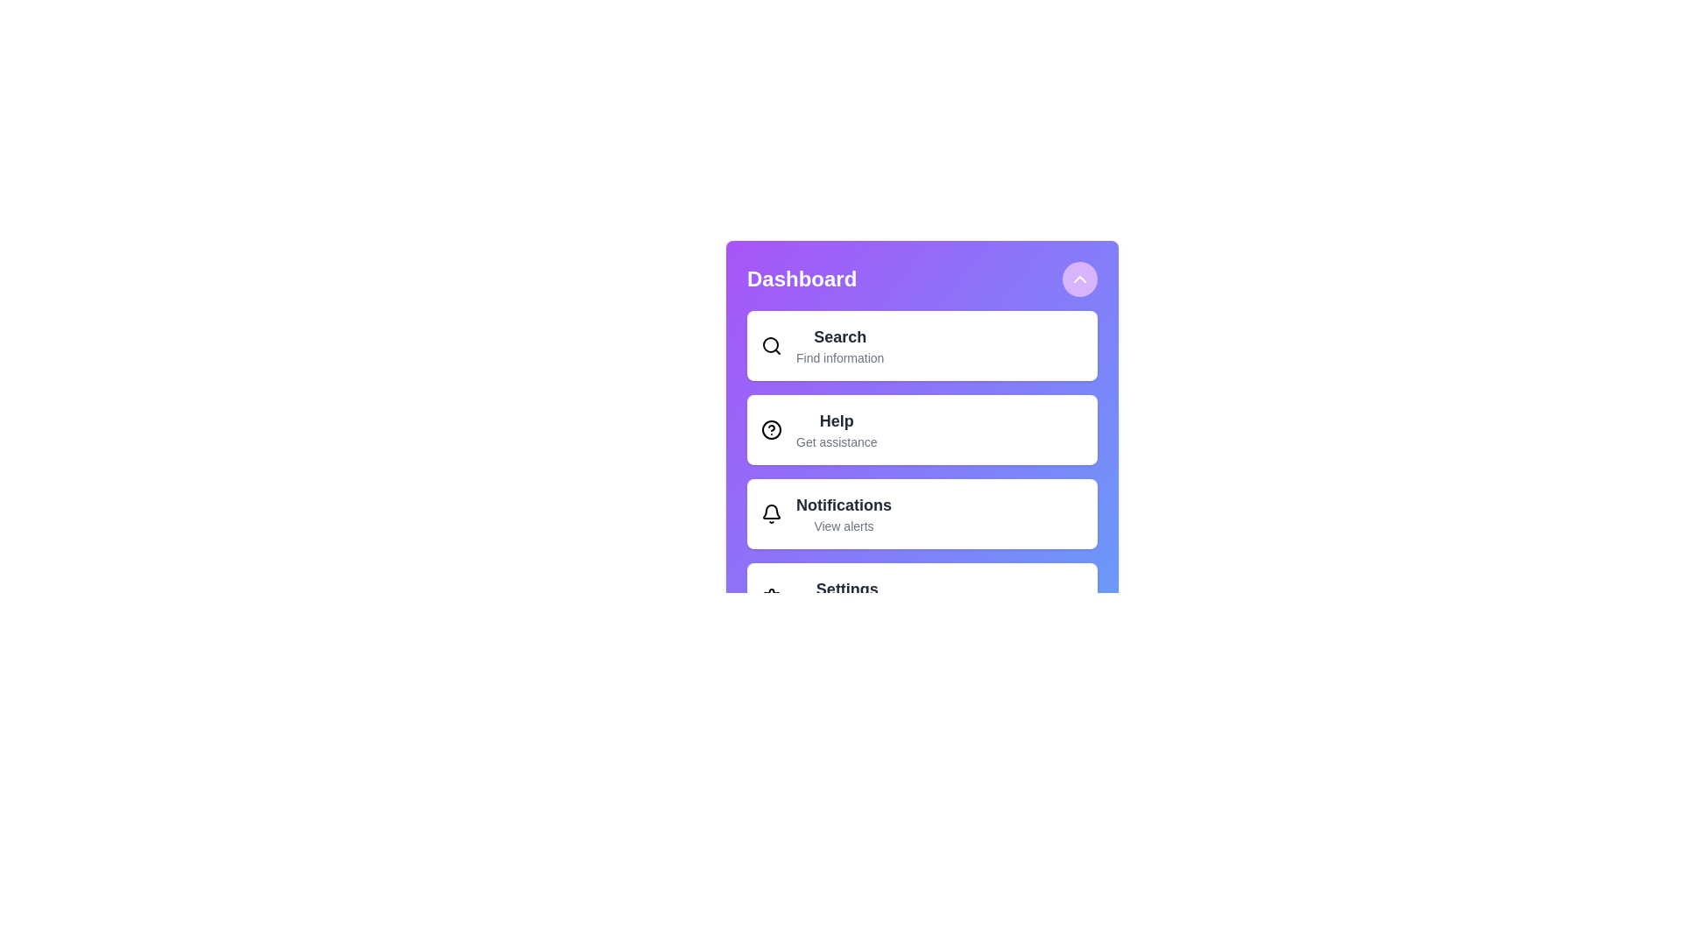 Image resolution: width=1682 pixels, height=946 pixels. I want to click on the menu item labeled Notifications, so click(921, 512).